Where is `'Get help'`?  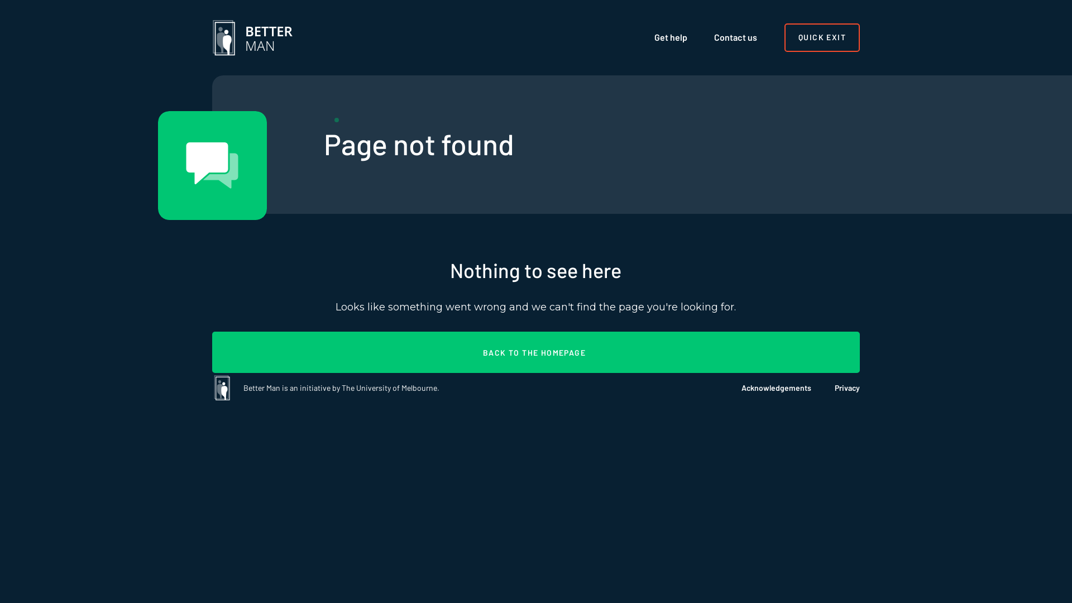
'Get help' is located at coordinates (670, 36).